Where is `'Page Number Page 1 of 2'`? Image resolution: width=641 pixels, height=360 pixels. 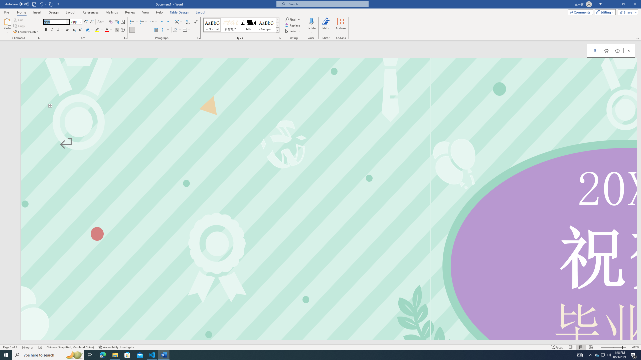
'Page Number Page 1 of 2' is located at coordinates (10, 347).